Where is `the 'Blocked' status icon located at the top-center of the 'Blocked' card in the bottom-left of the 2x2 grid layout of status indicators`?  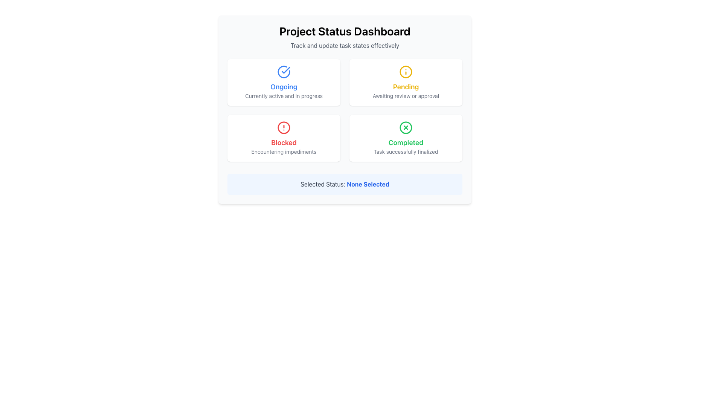 the 'Blocked' status icon located at the top-center of the 'Blocked' card in the bottom-left of the 2x2 grid layout of status indicators is located at coordinates (283, 127).